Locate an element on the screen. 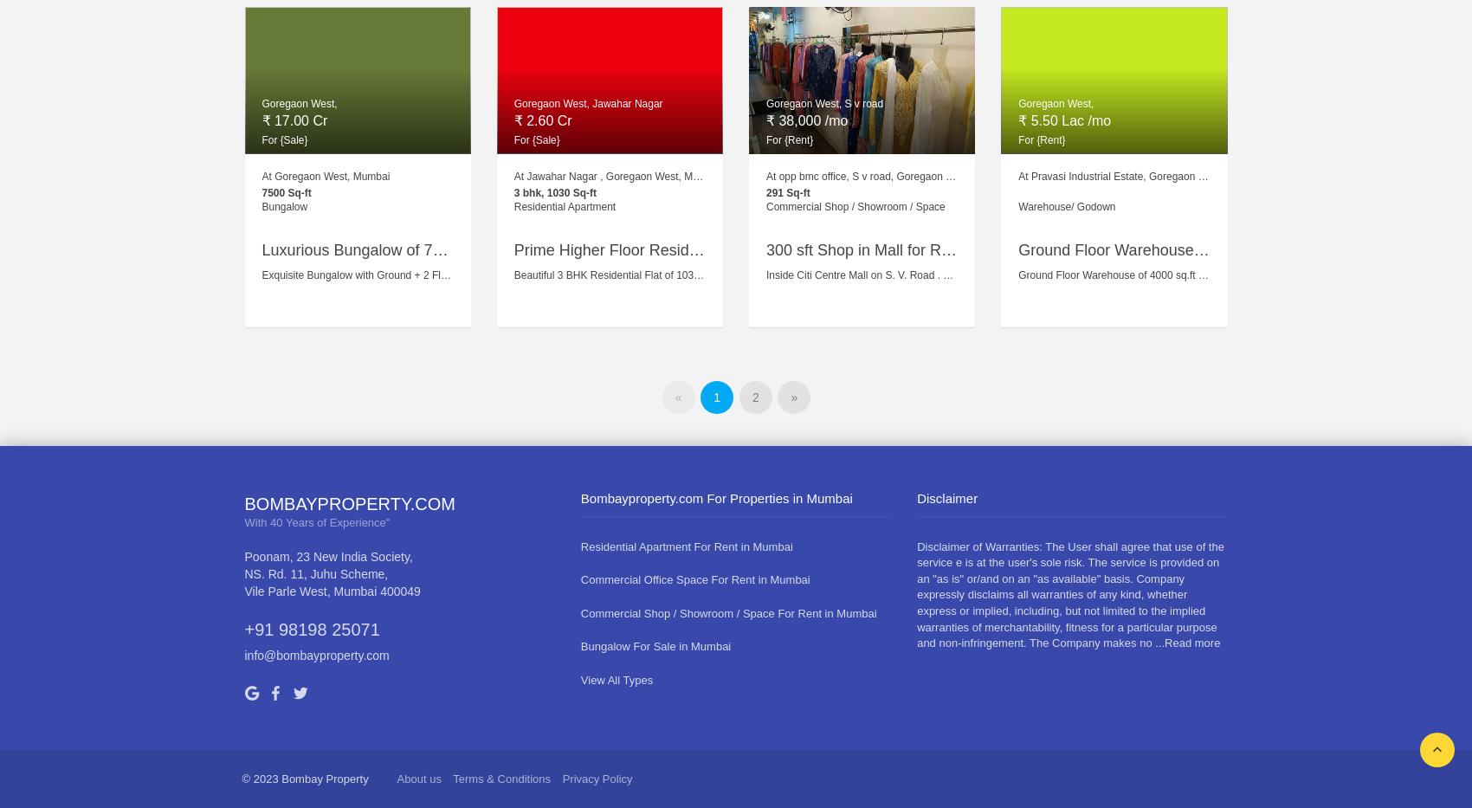 The width and height of the screenshot is (1472, 808). 'About us' is located at coordinates (418, 778).